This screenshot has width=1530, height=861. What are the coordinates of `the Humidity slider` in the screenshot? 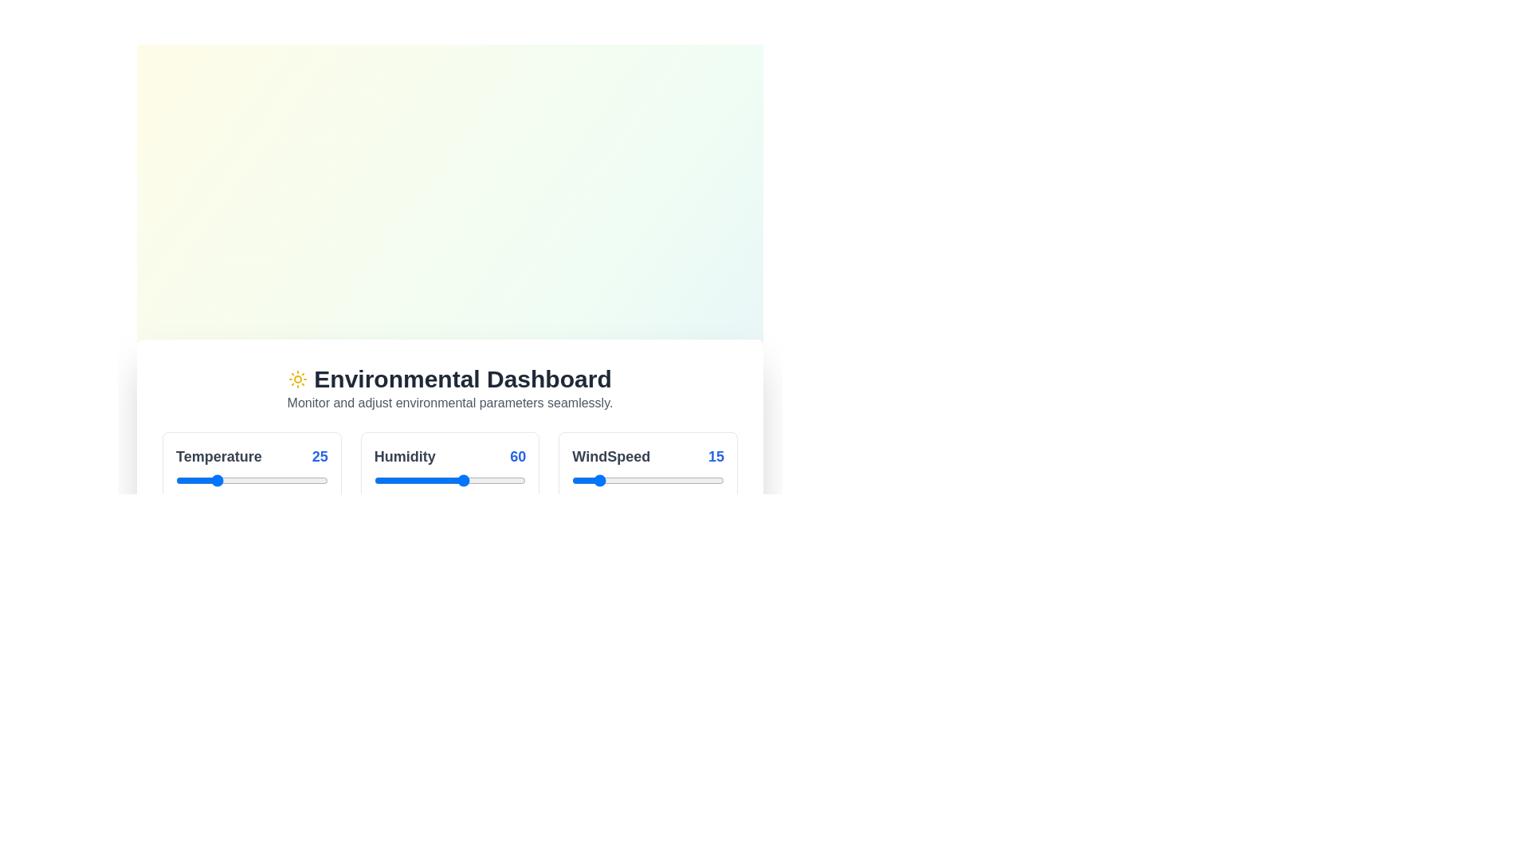 It's located at (478, 479).